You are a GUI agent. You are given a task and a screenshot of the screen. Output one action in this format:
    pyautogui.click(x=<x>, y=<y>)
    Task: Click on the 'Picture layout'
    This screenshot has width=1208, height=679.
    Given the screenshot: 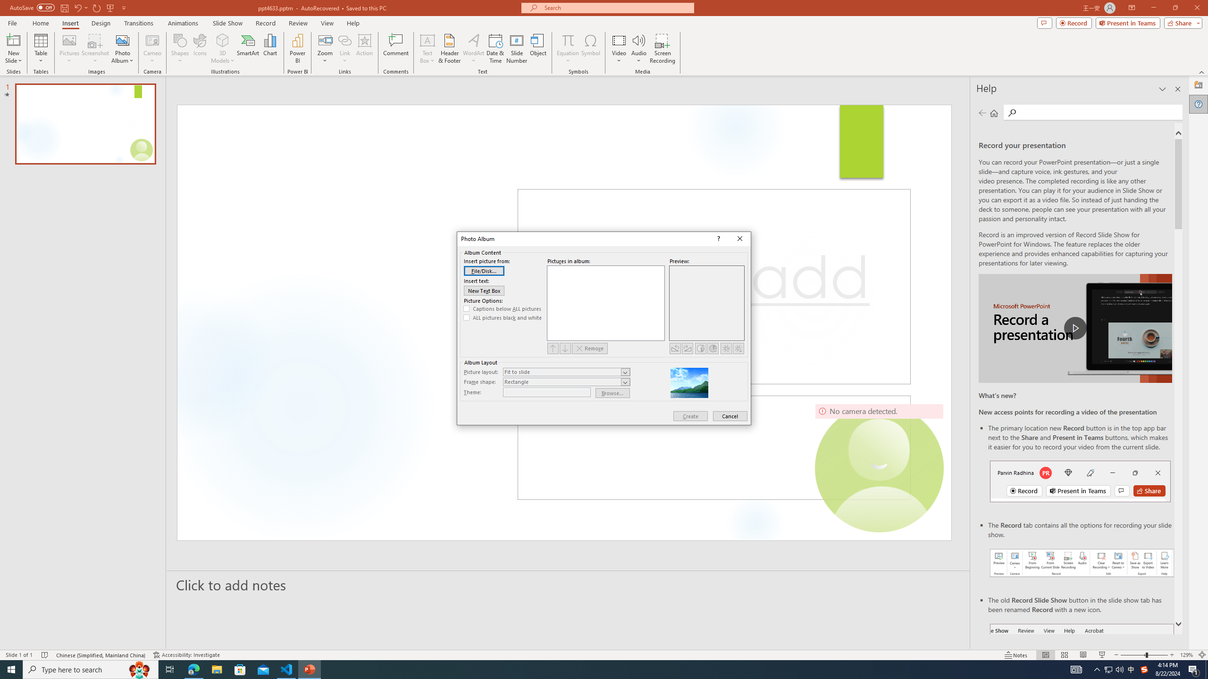 What is the action you would take?
    pyautogui.click(x=566, y=372)
    